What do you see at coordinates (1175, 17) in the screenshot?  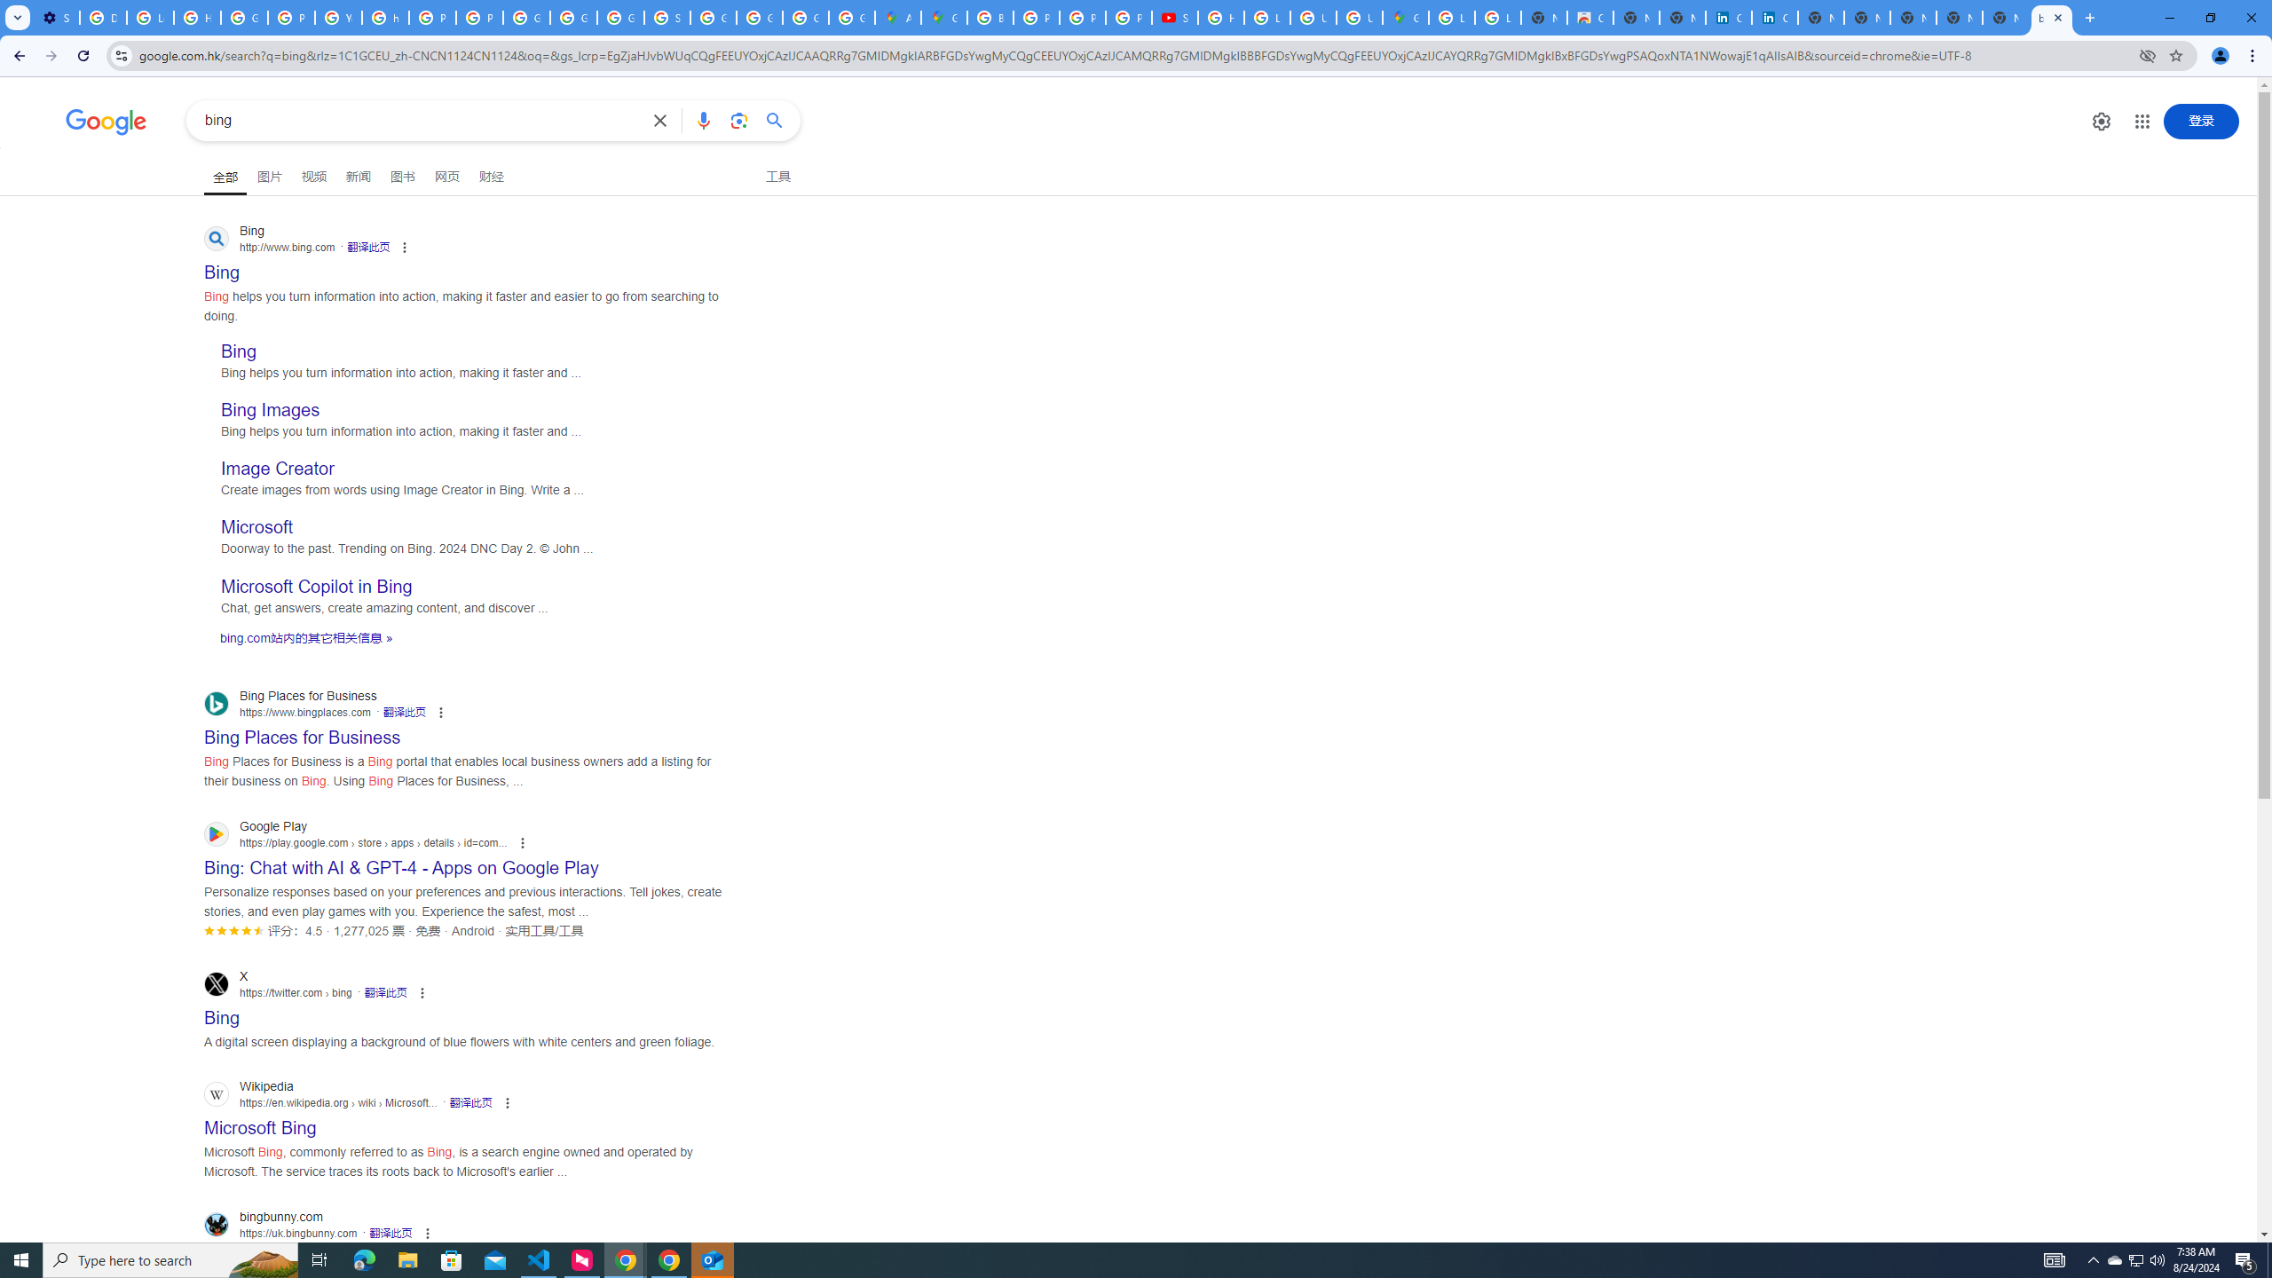 I see `'Subscriptions - YouTube'` at bounding box center [1175, 17].